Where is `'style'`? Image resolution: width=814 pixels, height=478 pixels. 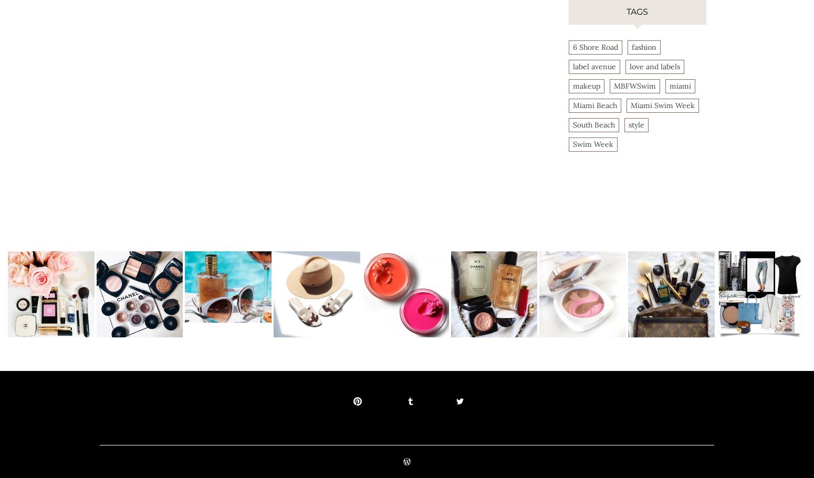 'style' is located at coordinates (636, 124).